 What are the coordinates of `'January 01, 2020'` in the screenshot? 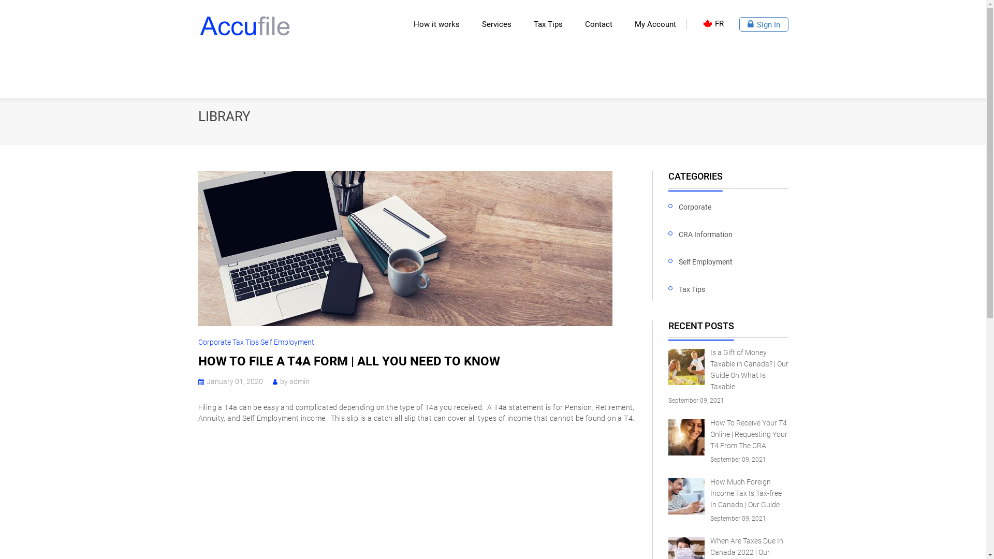 It's located at (233, 381).